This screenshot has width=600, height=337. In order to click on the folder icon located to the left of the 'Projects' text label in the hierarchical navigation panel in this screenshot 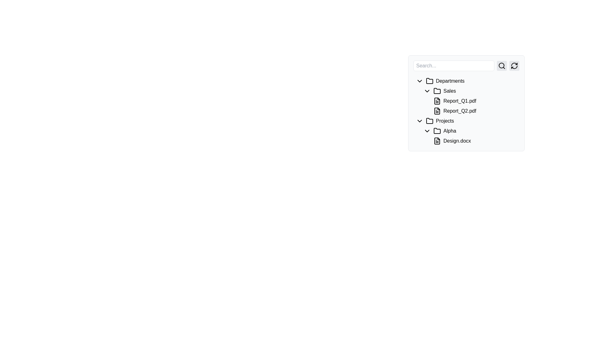, I will do `click(429, 121)`.